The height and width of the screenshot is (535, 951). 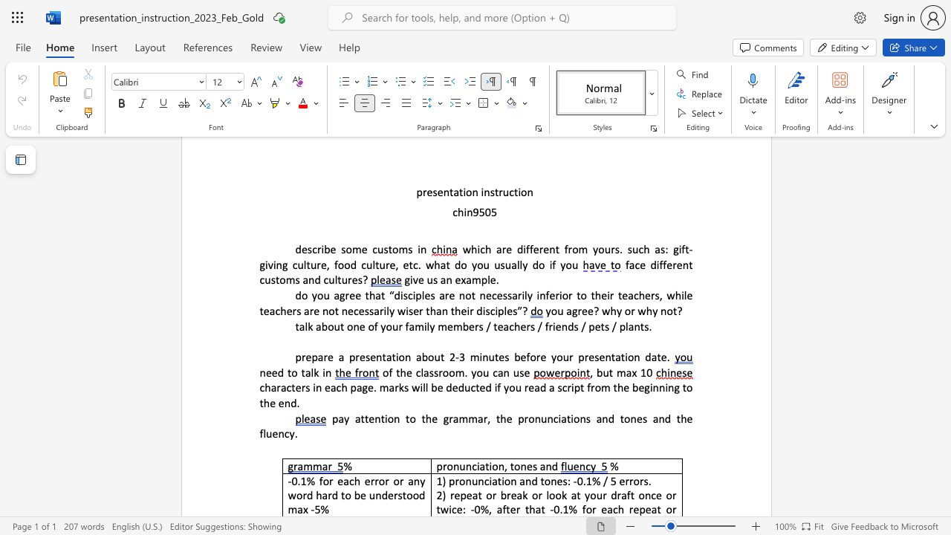 What do you see at coordinates (314, 508) in the screenshot?
I see `the subset text "5%" within the text "-0.1% for each error or any word hard to be understood max -5%"` at bounding box center [314, 508].